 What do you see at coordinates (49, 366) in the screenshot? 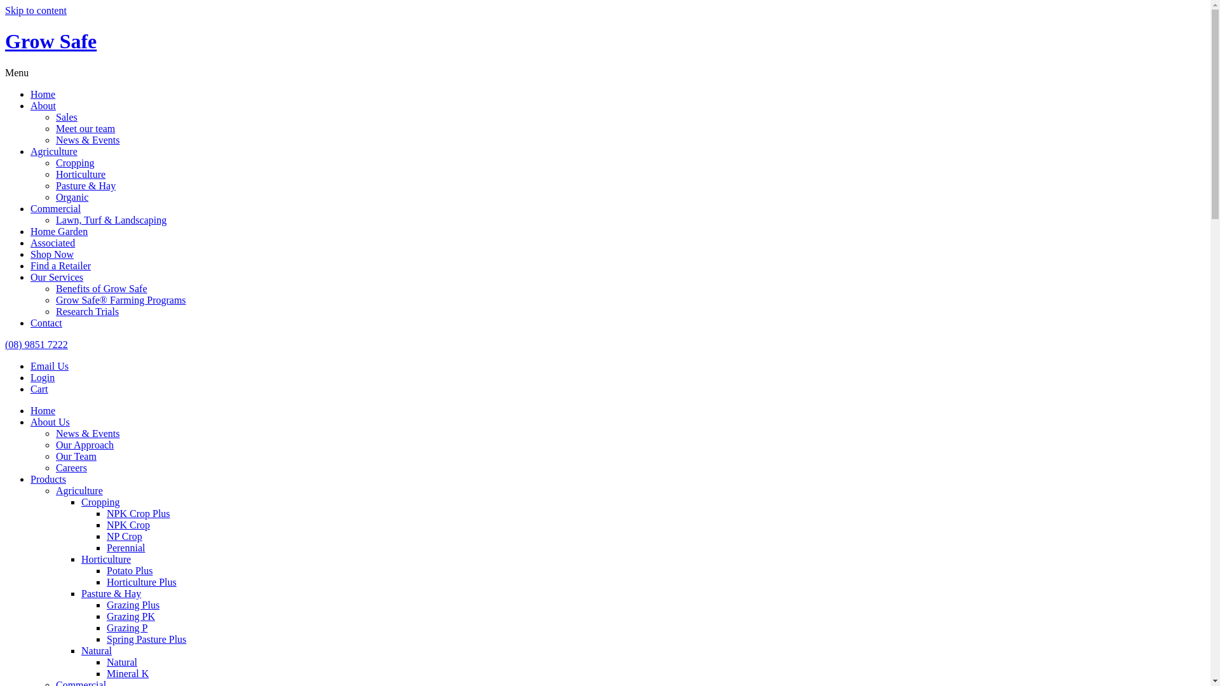
I see `'Email Us'` at bounding box center [49, 366].